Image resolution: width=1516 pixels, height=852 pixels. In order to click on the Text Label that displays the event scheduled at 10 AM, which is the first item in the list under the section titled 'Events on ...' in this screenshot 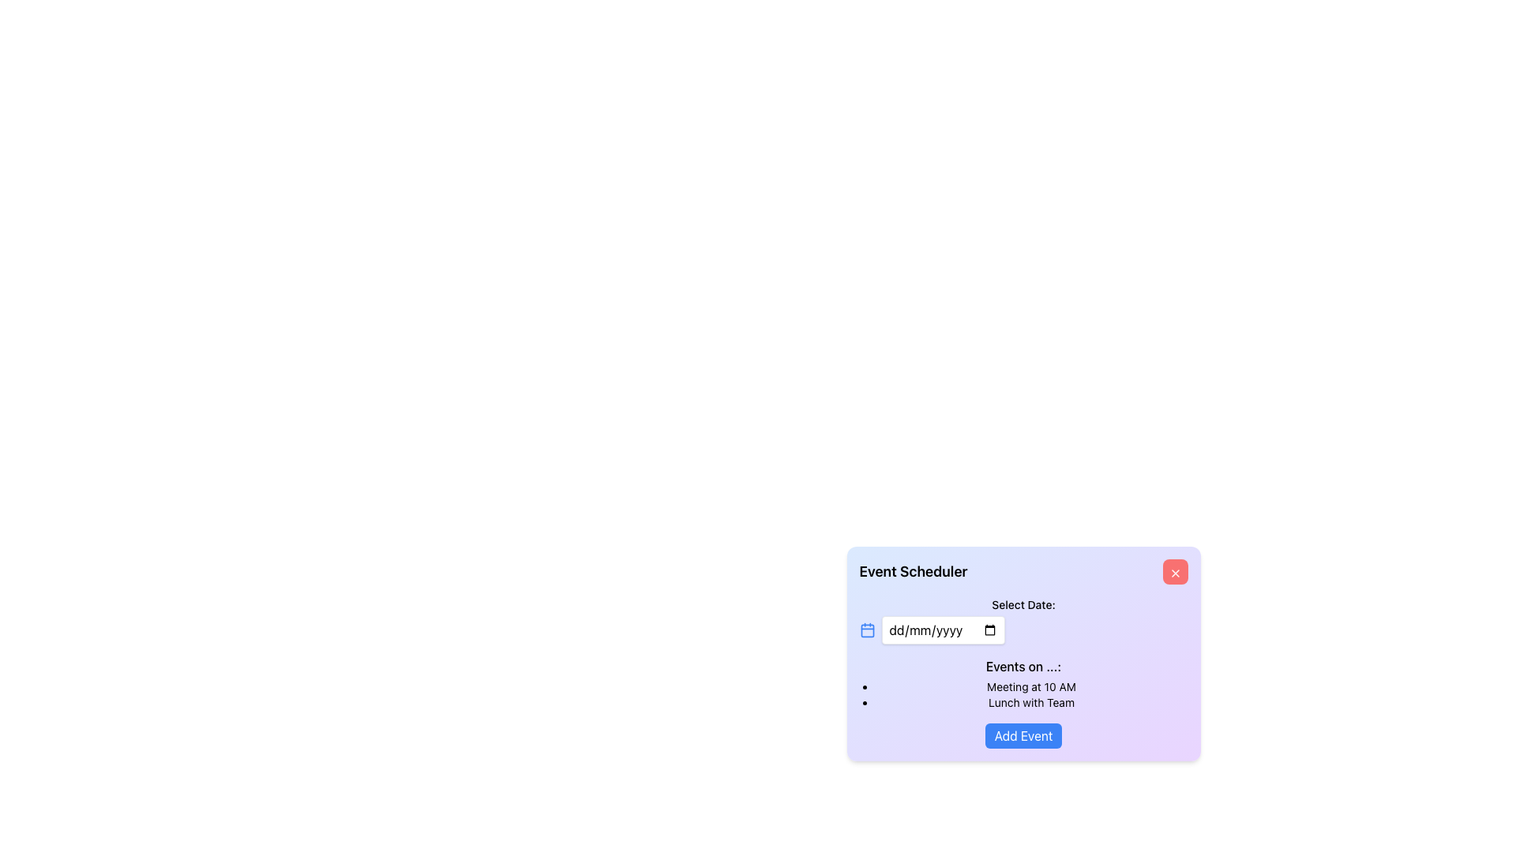, I will do `click(1031, 686)`.